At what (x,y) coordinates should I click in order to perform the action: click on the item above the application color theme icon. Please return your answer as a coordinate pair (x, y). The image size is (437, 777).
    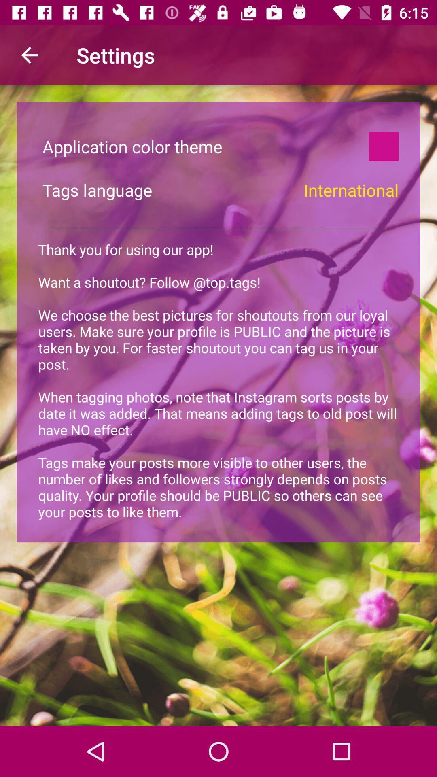
    Looking at the image, I should click on (29, 55).